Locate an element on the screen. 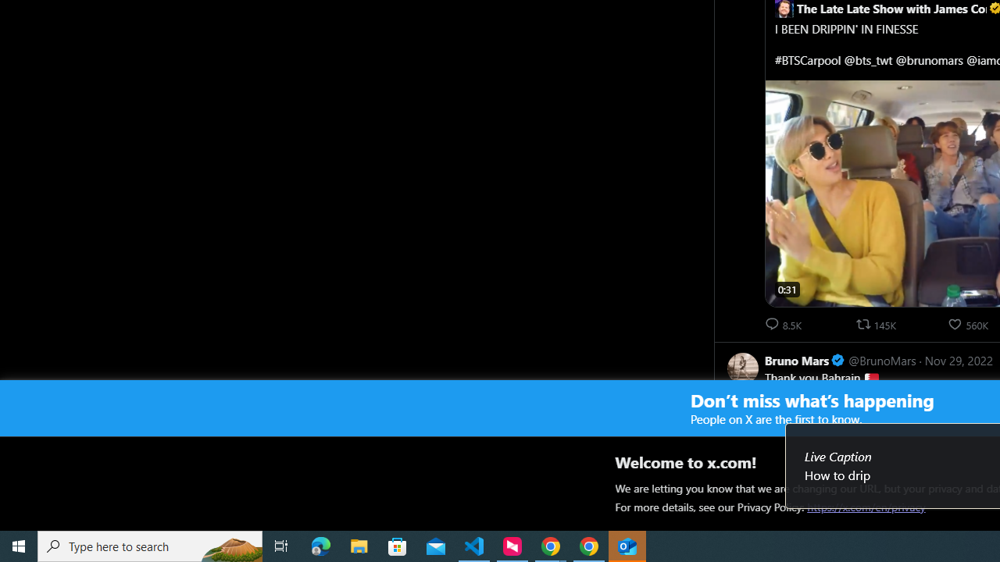  'Verified account' is located at coordinates (837, 361).